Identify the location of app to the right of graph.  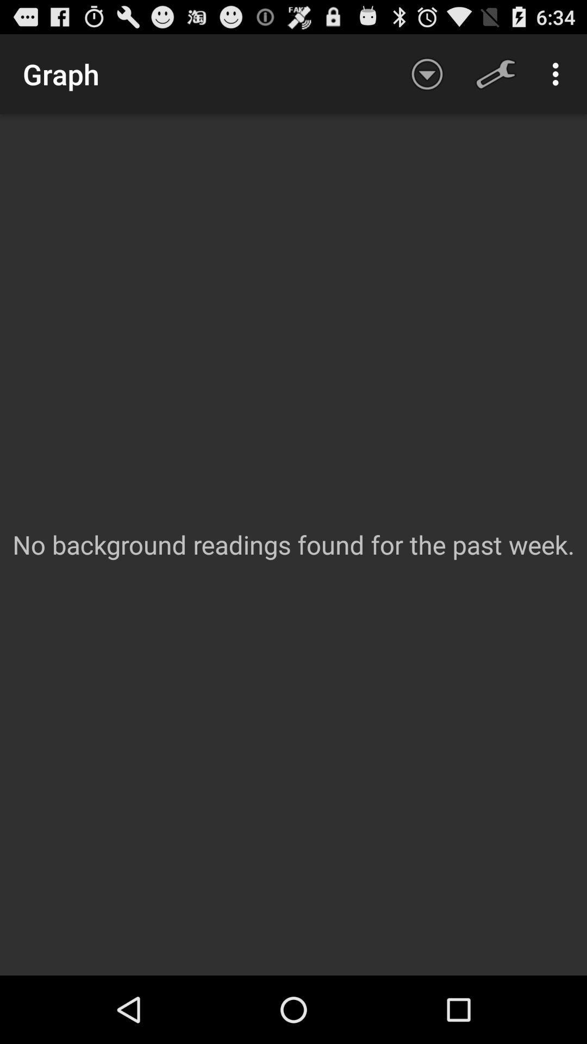
(427, 73).